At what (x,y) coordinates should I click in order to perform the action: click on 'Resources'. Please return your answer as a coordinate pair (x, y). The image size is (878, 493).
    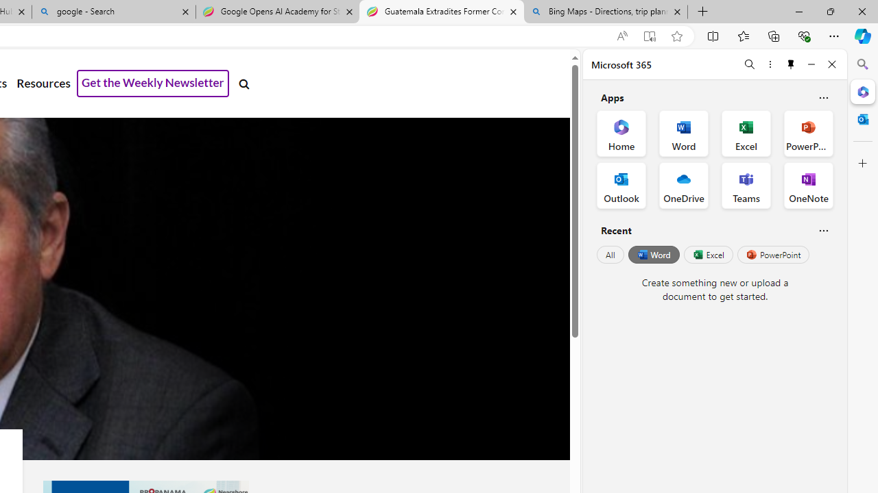
    Looking at the image, I should click on (43, 84).